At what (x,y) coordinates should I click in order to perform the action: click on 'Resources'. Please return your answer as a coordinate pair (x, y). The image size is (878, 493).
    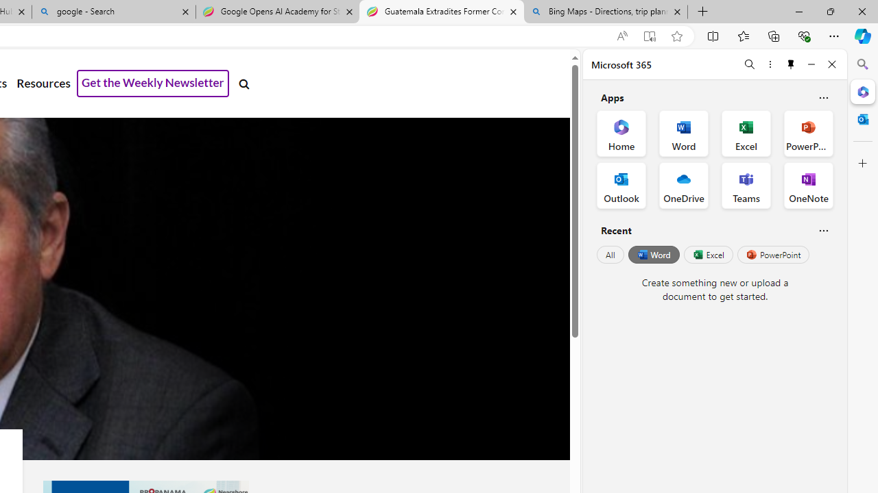
    Looking at the image, I should click on (43, 84).